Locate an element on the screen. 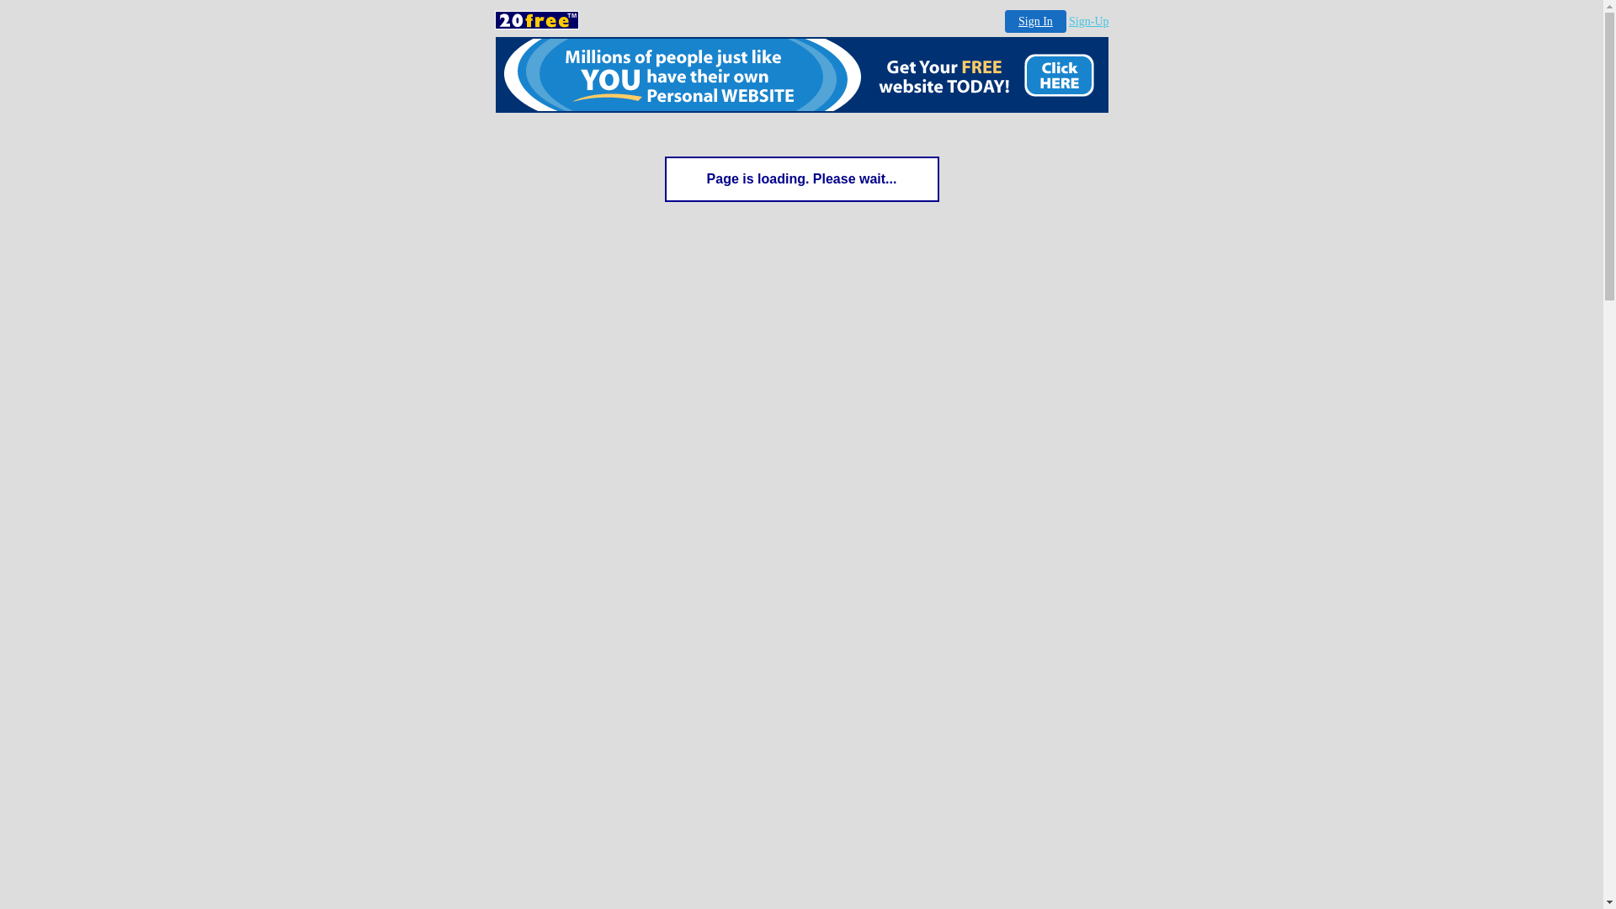  'Sign-Up' is located at coordinates (1088, 21).